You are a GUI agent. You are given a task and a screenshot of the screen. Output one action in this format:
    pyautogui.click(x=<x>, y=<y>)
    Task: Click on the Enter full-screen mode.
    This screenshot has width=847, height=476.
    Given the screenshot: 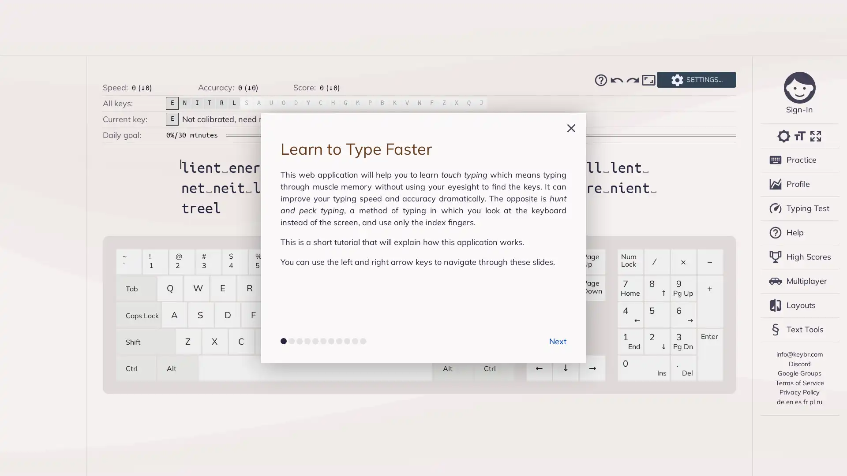 What is the action you would take?
    pyautogui.click(x=815, y=136)
    